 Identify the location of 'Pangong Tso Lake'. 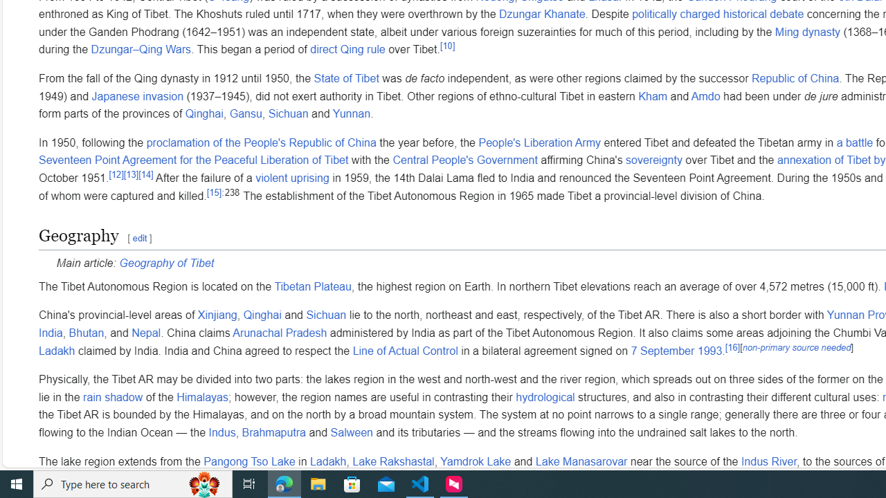
(249, 461).